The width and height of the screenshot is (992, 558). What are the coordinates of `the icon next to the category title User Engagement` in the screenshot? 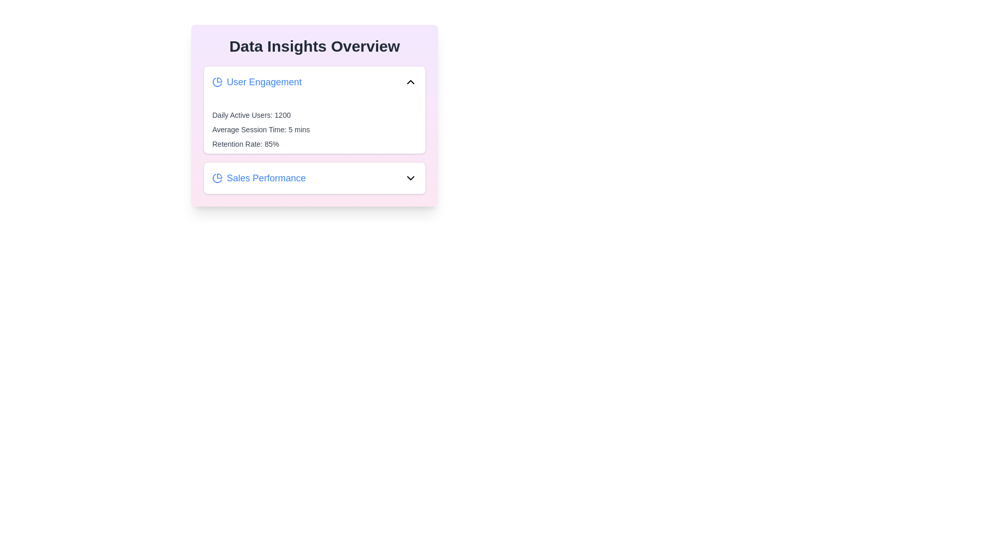 It's located at (217, 81).